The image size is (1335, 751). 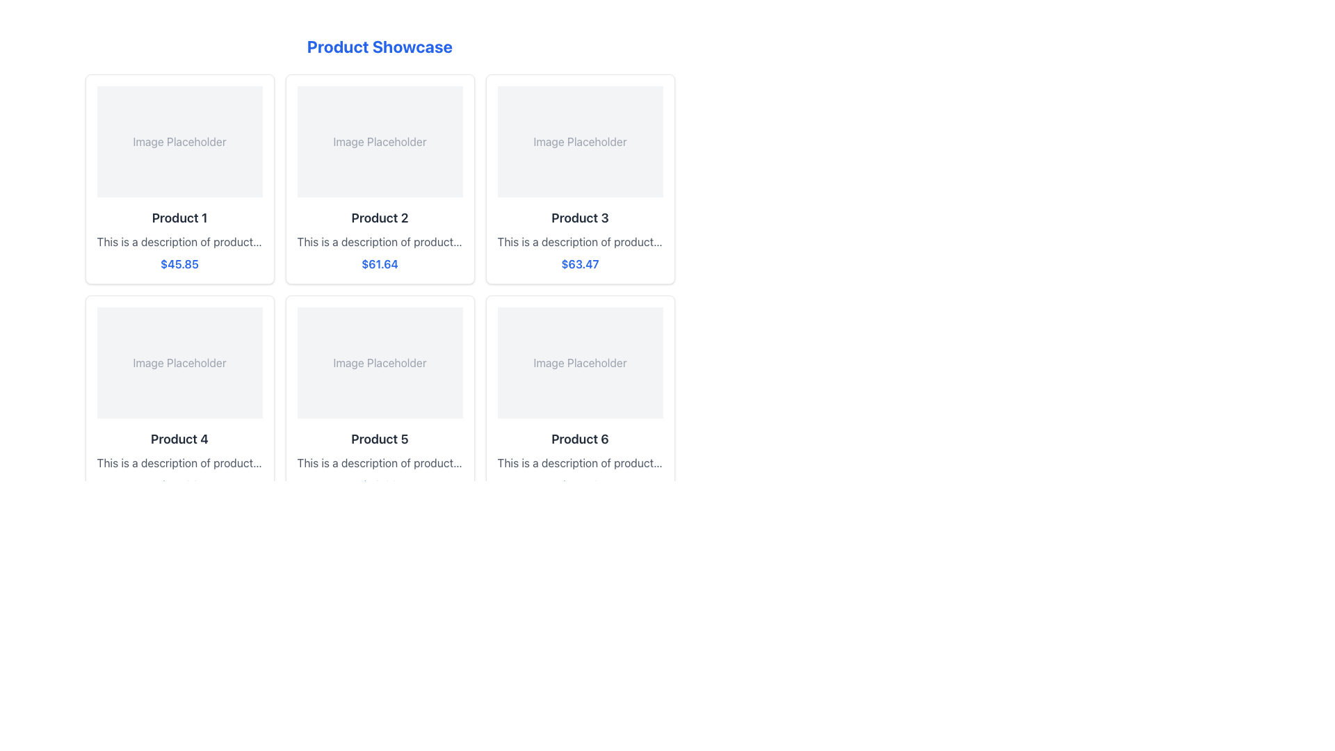 I want to click on the text element displaying 'This is a description of product 4.' which is styled in gray and located within the card layout of 'Product 4', positioned below the product name and above the product price, so click(x=179, y=463).